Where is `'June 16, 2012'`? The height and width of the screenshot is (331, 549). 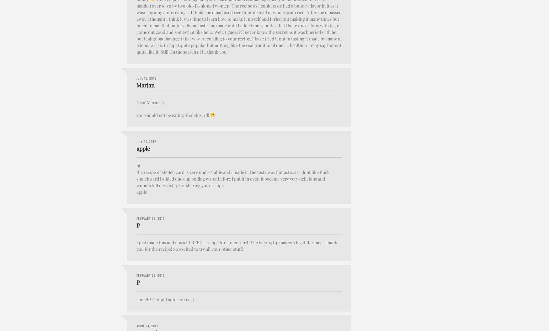 'June 16, 2012' is located at coordinates (147, 77).